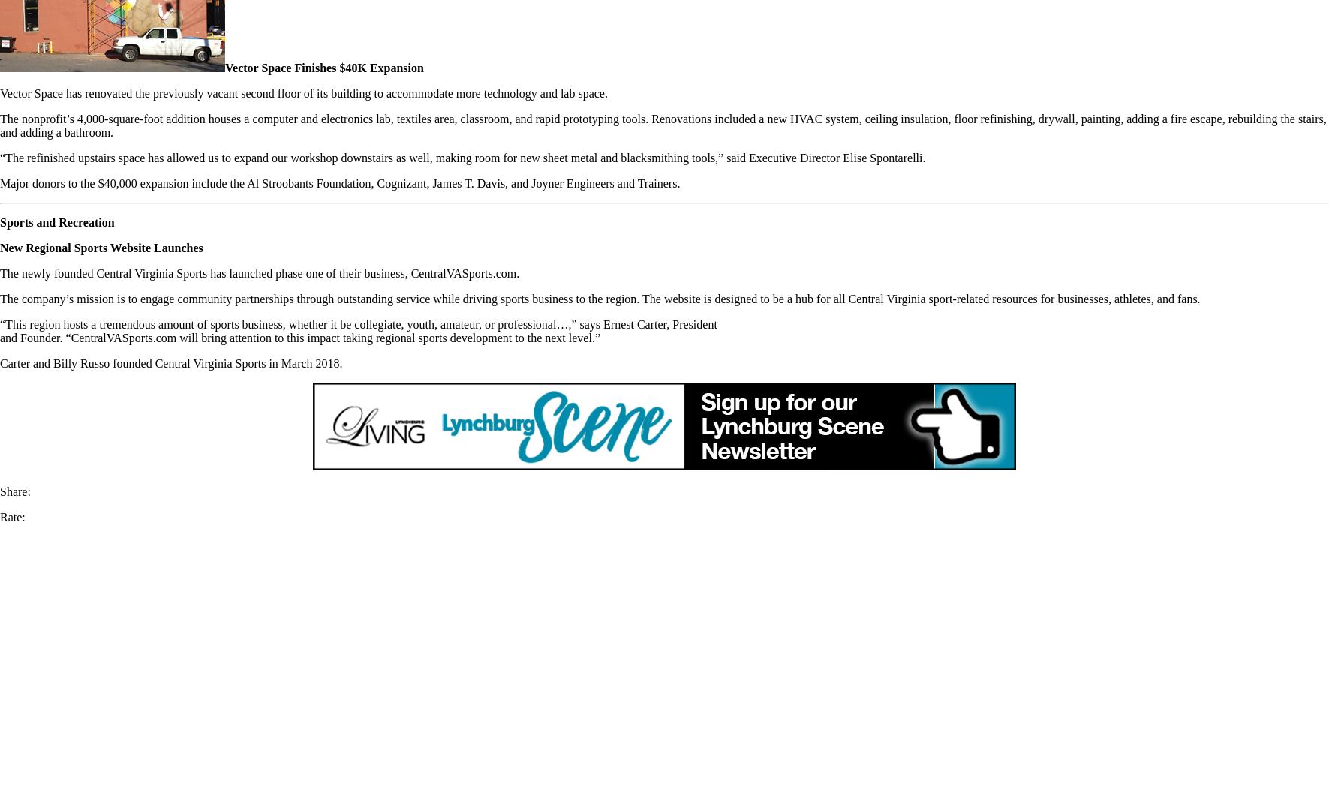 The image size is (1329, 799). I want to click on 'Rate:', so click(11, 517).